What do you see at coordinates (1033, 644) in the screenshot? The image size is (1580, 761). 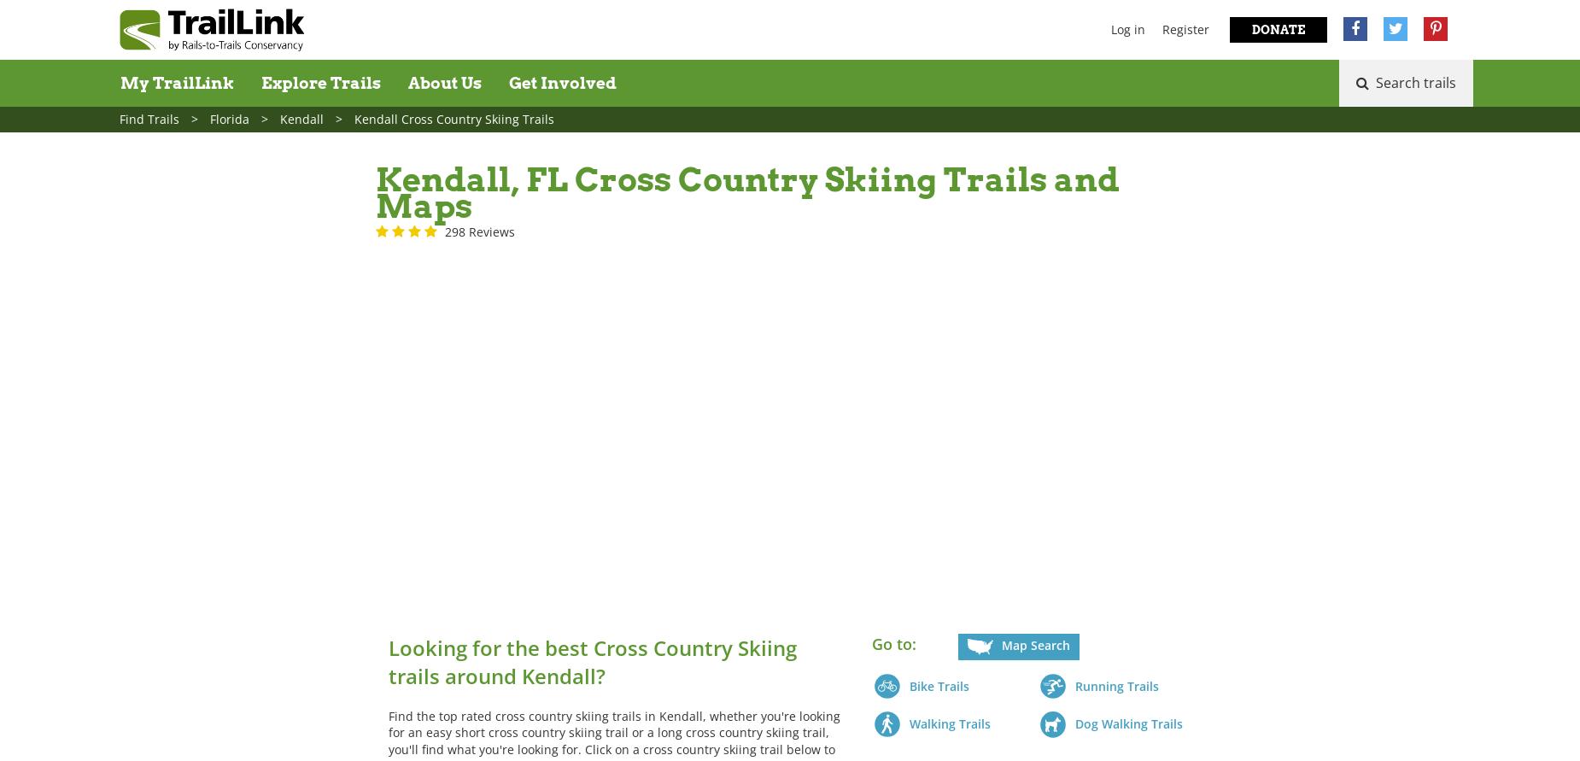 I see `'Map Search'` at bounding box center [1033, 644].